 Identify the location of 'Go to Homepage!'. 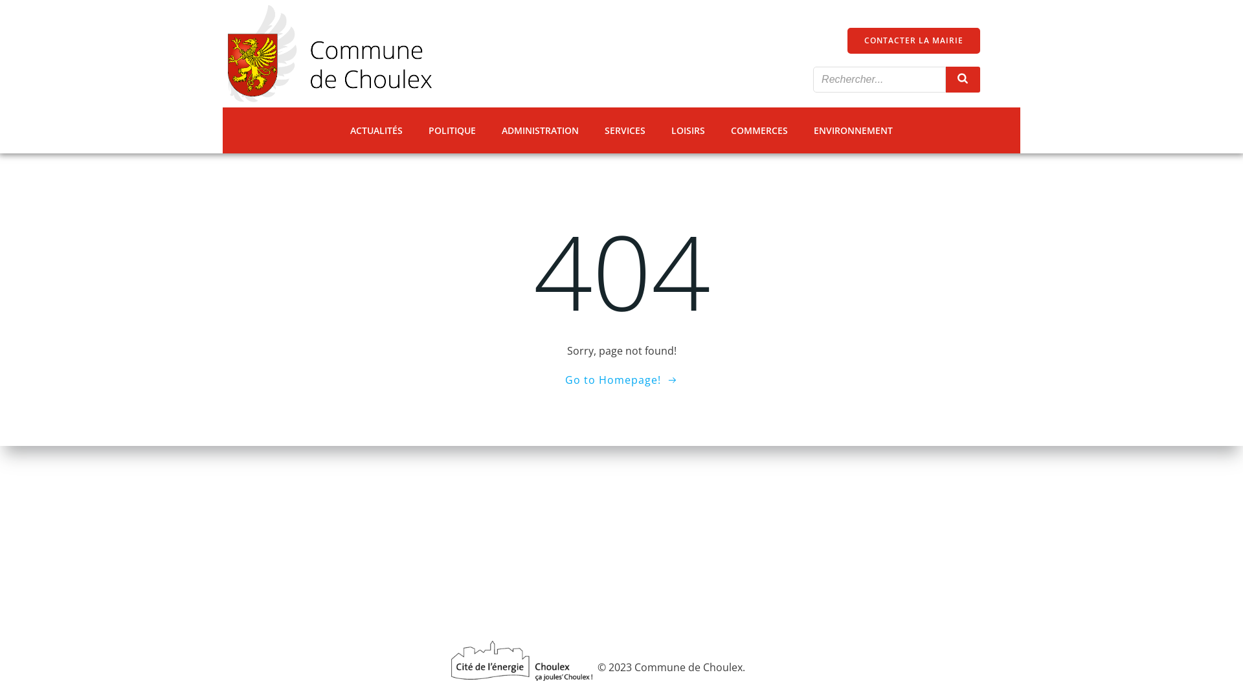
(621, 379).